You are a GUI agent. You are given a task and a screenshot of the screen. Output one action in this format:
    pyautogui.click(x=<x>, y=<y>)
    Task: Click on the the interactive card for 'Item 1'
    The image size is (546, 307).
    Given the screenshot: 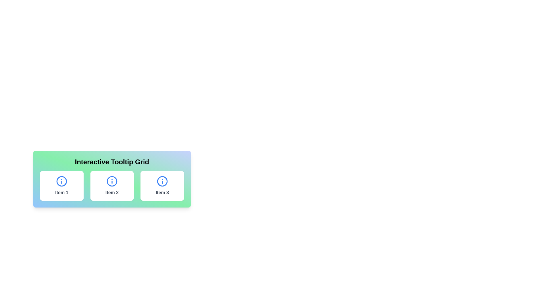 What is the action you would take?
    pyautogui.click(x=62, y=186)
    